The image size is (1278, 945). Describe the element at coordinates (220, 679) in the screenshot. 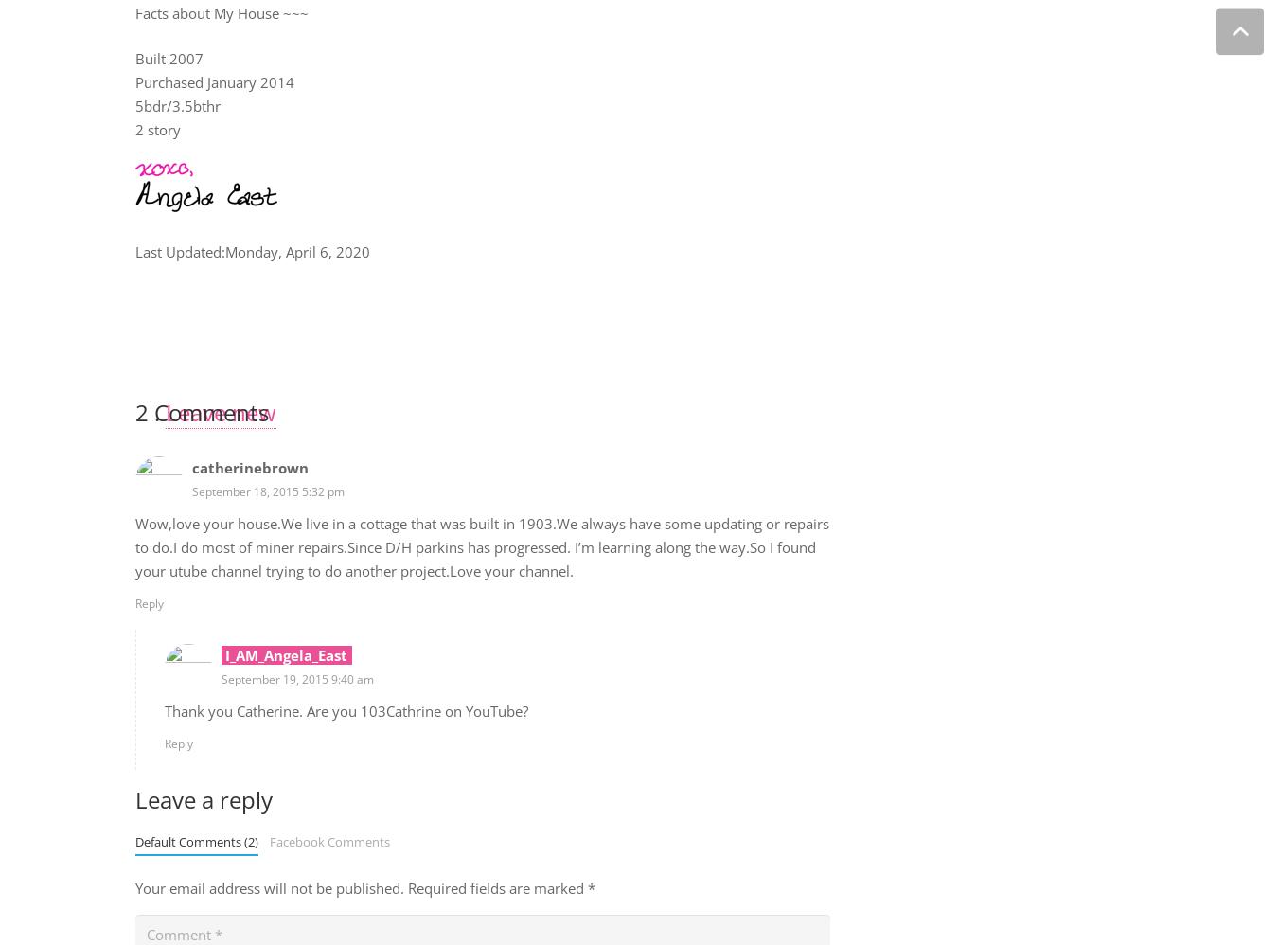

I see `'September 19, 2015 9:40 am'` at that location.